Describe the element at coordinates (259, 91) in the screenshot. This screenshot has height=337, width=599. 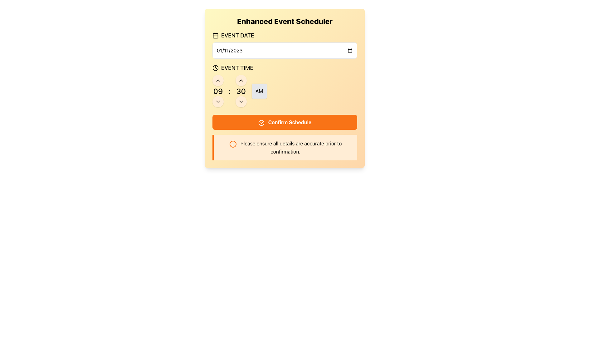
I see `the time period toggle button located to the right of the '30' minute input field to observe the hover effect` at that location.